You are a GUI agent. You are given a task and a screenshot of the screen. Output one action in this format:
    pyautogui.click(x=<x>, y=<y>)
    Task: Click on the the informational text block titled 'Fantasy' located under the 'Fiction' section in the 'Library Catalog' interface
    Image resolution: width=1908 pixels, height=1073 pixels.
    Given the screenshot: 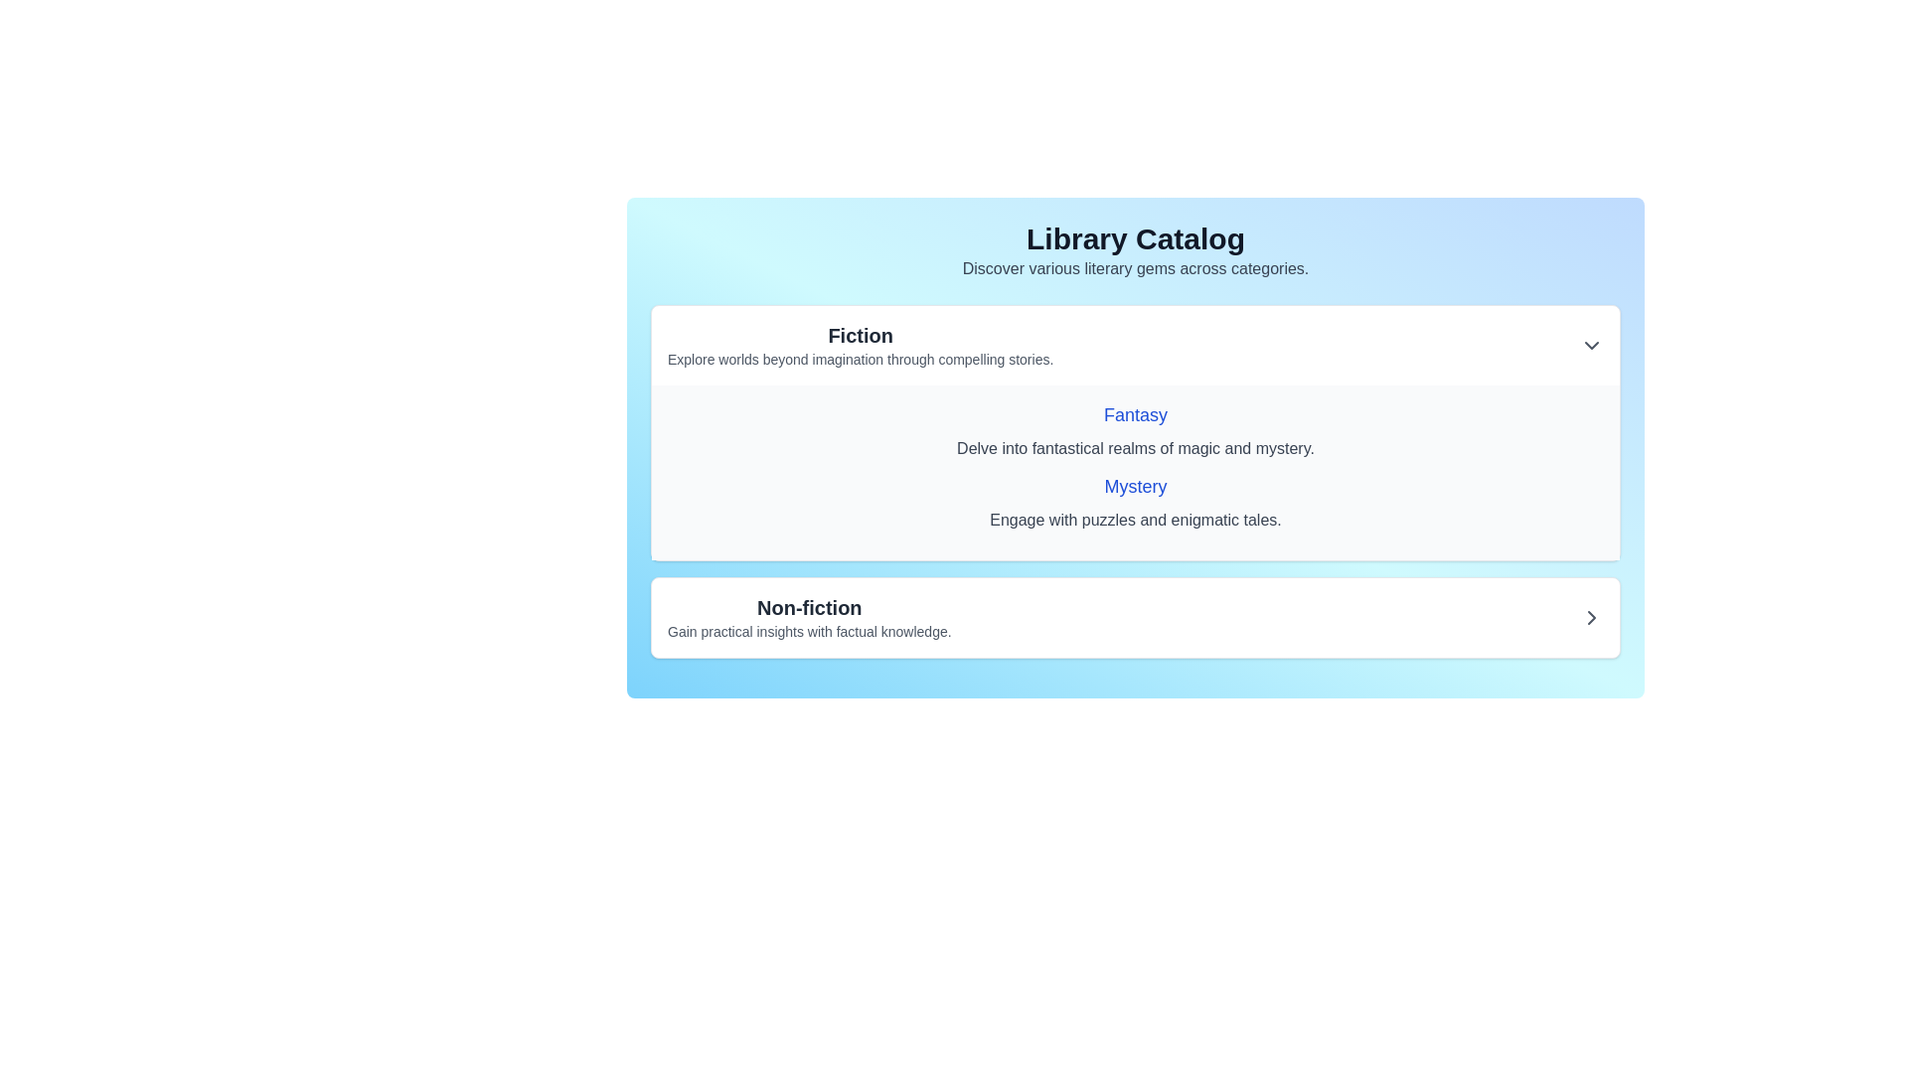 What is the action you would take?
    pyautogui.click(x=1135, y=430)
    